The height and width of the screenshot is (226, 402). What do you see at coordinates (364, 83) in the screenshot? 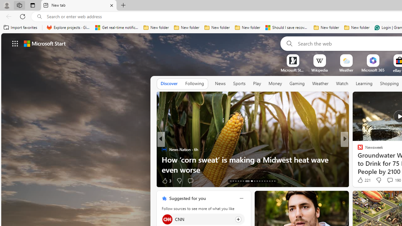
I see `'Learning'` at bounding box center [364, 83].